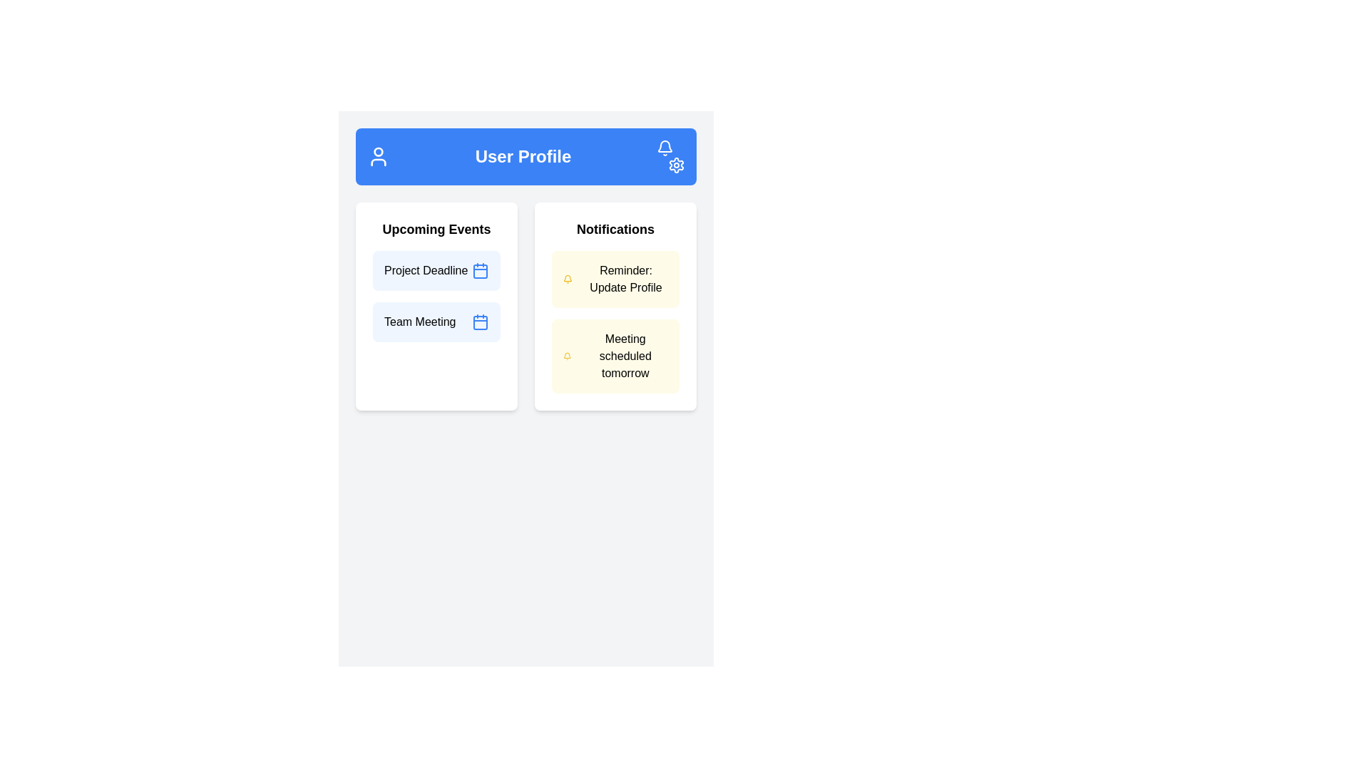  I want to click on the Settings Icon located in the header bar, so click(676, 164).